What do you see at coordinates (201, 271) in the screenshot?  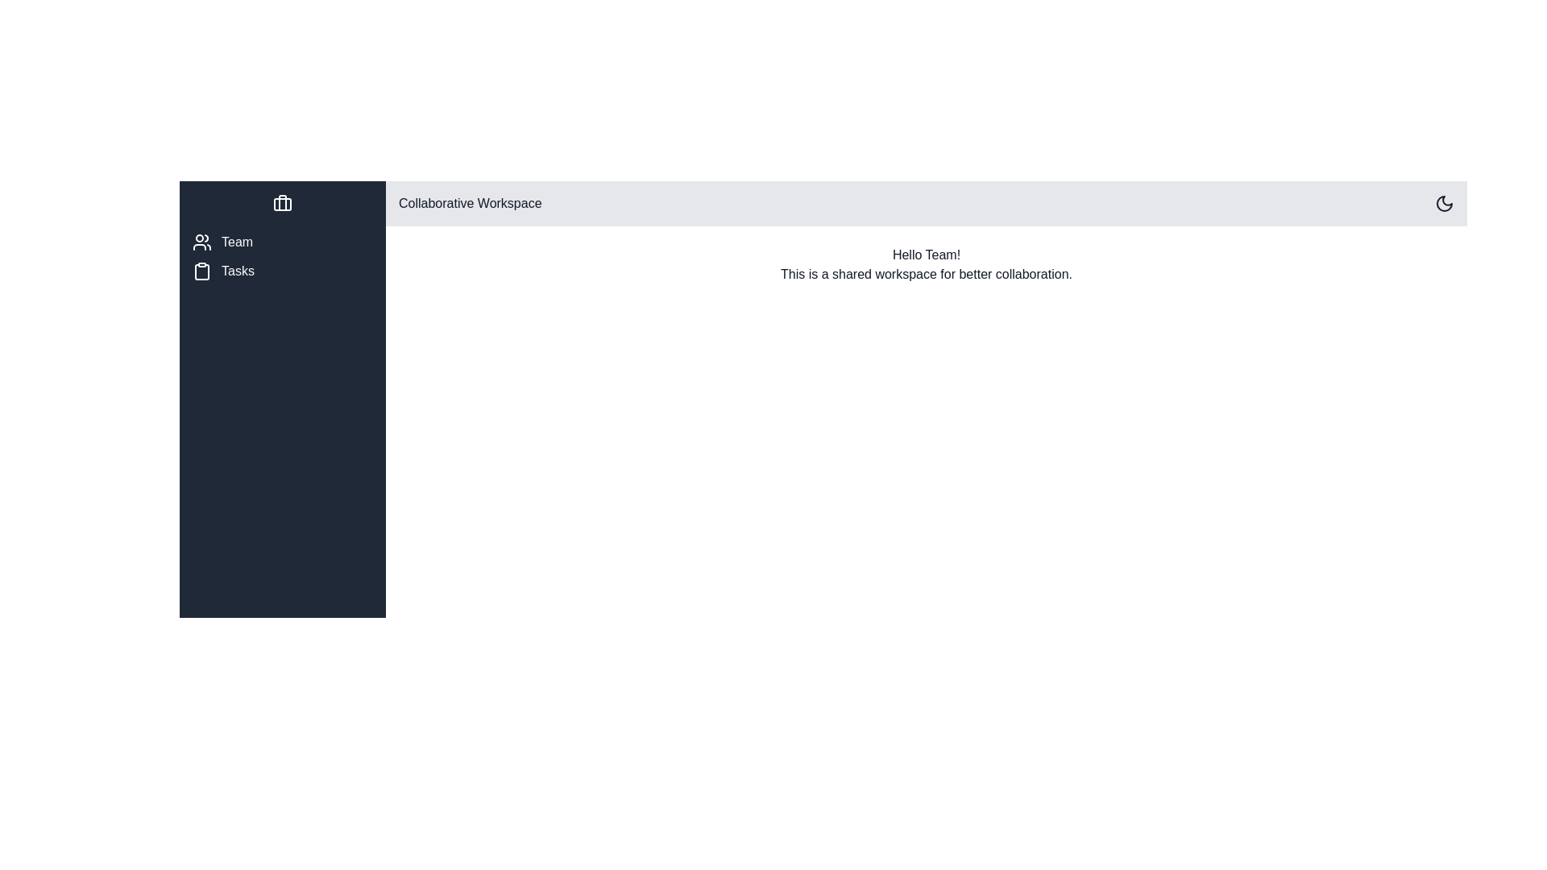 I see `the clipboard vector icon located in the left navigation bar, which is styled in white on a dark background and positioned as the second icon from the top` at bounding box center [201, 271].